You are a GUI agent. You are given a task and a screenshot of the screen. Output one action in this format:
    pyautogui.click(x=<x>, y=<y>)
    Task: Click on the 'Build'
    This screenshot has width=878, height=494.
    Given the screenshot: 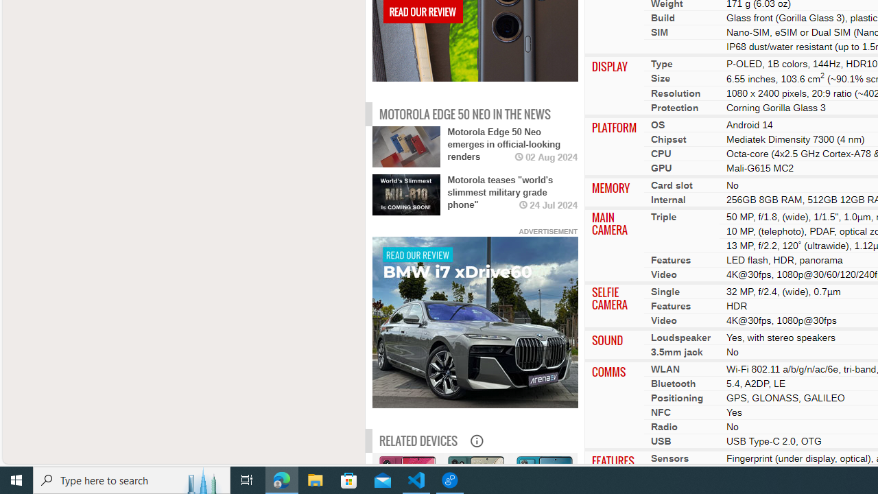 What is the action you would take?
    pyautogui.click(x=663, y=17)
    